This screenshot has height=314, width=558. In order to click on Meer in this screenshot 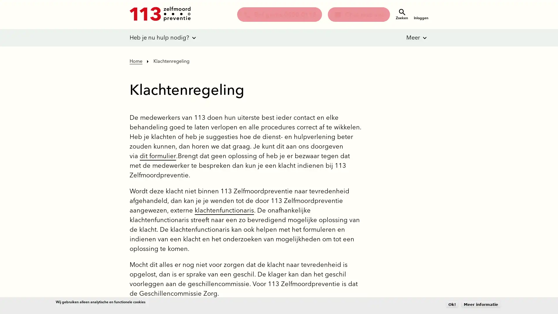, I will do `click(409, 38)`.